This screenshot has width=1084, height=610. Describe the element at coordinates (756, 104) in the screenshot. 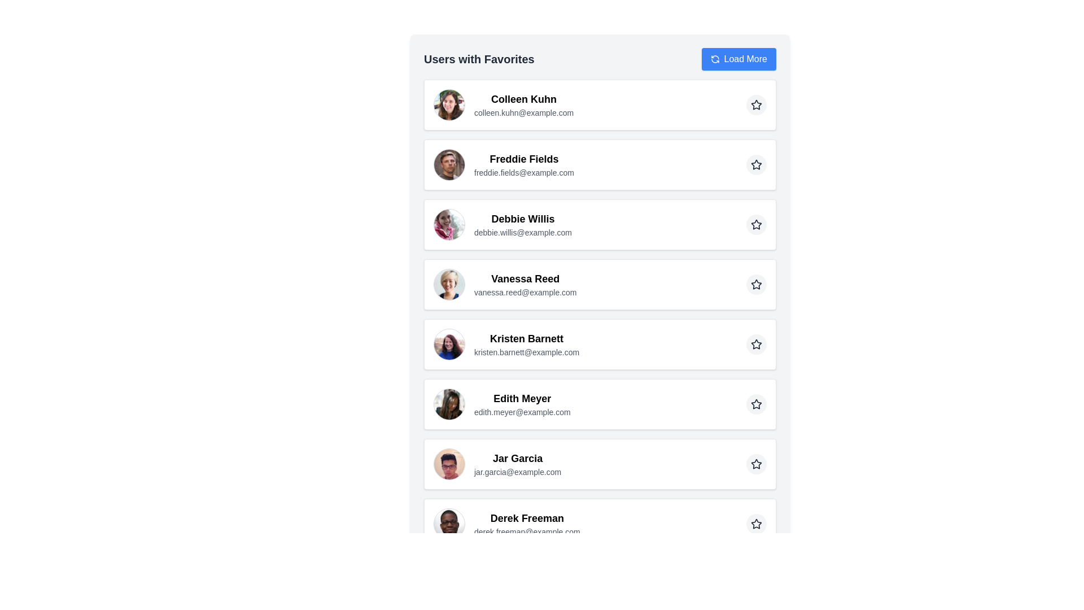

I see `the first star icon to the right of Colleen Kuhn's name` at that location.